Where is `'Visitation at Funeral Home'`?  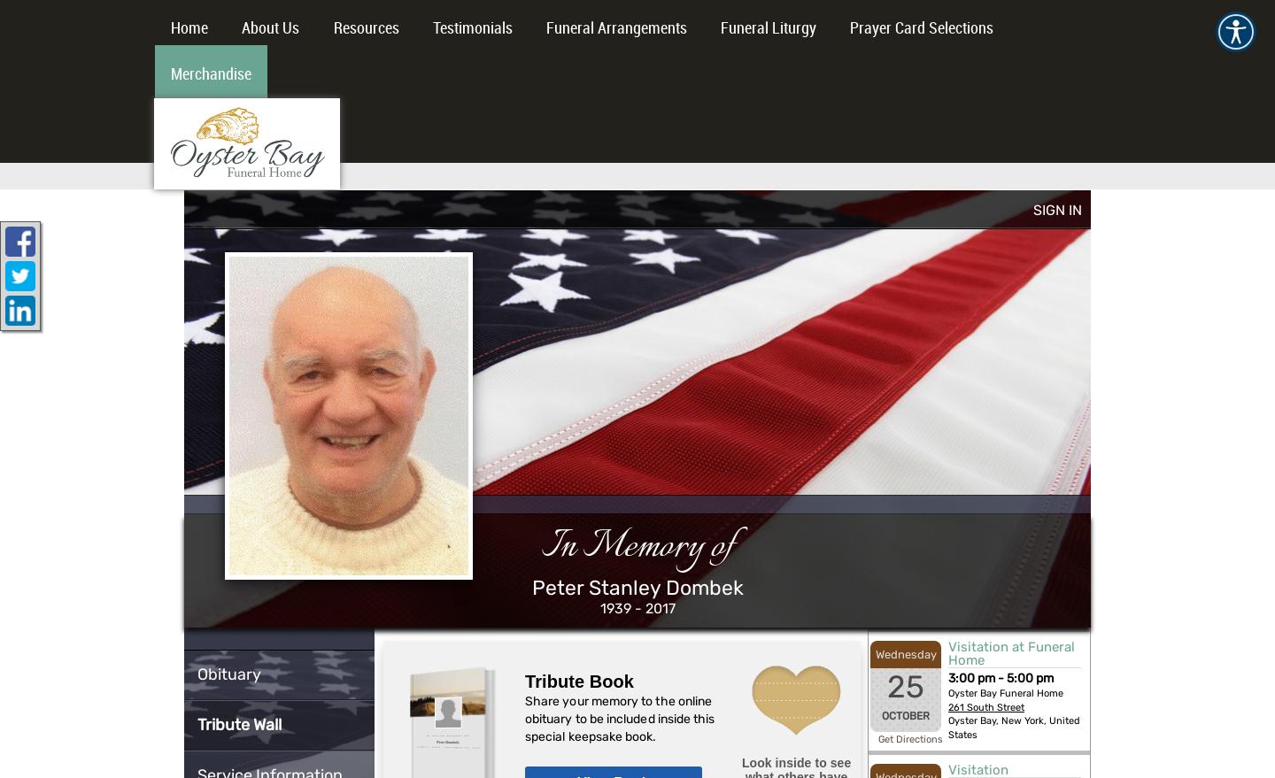 'Visitation at Funeral Home' is located at coordinates (948, 651).